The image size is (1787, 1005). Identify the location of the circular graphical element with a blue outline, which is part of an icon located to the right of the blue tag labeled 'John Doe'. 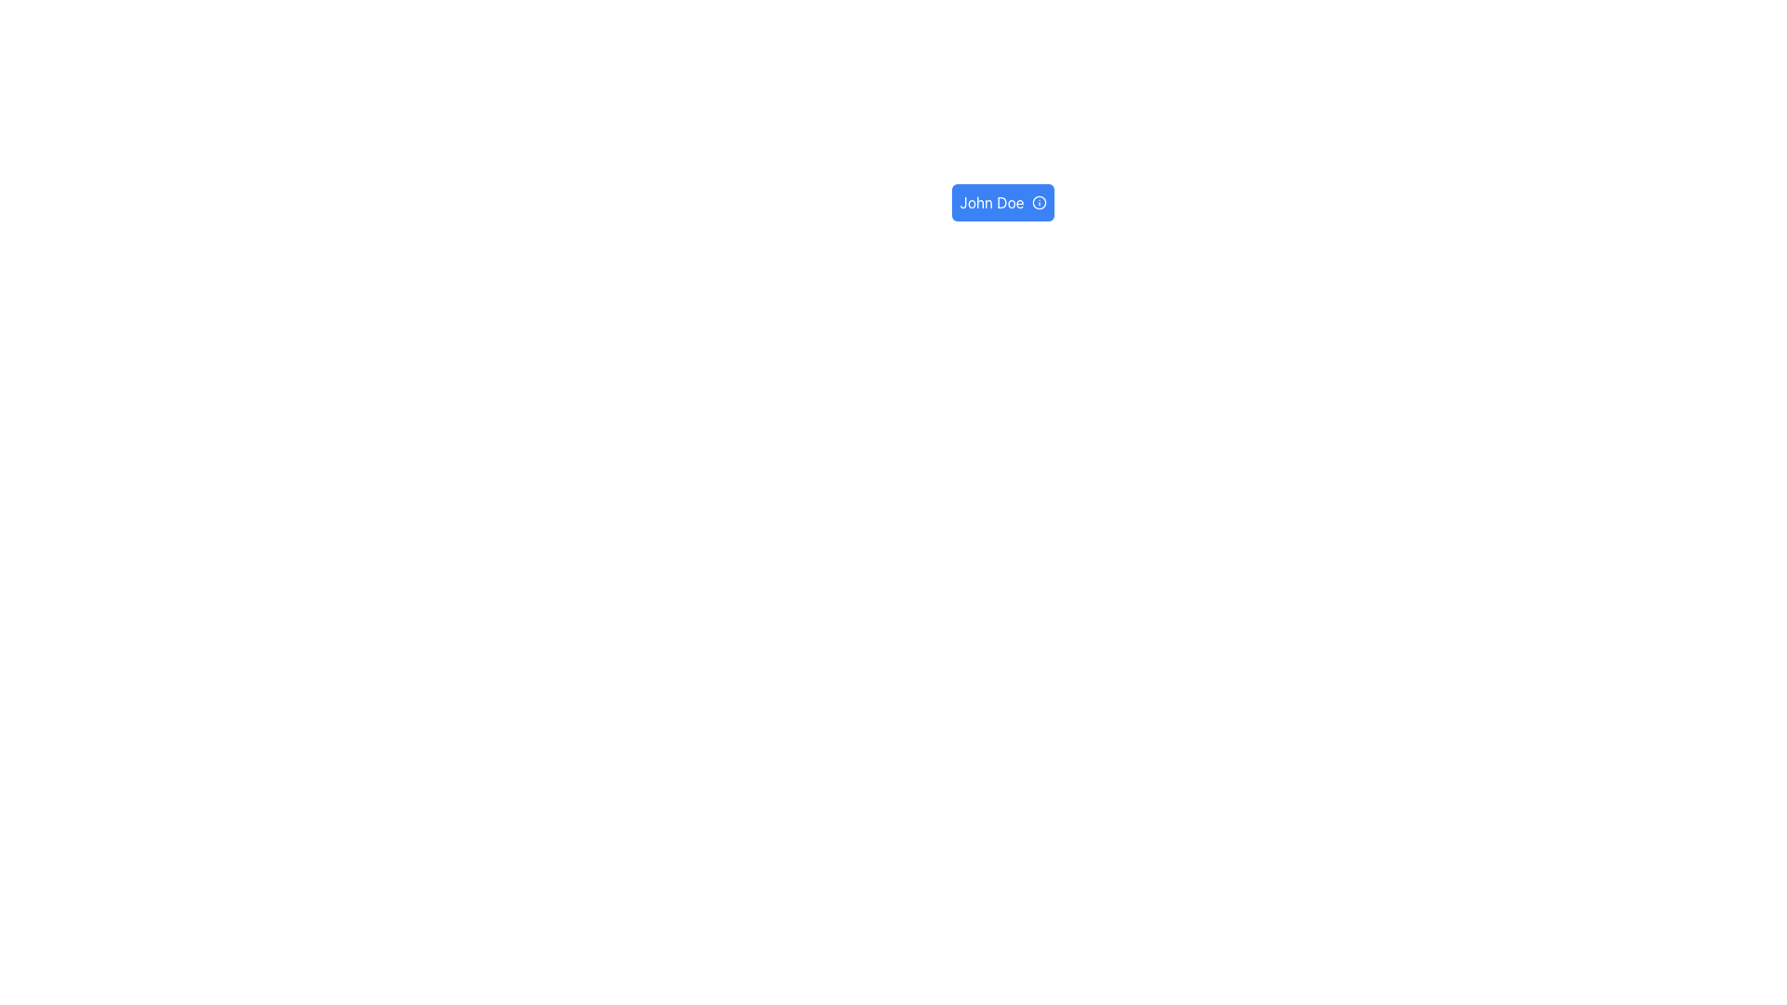
(1038, 203).